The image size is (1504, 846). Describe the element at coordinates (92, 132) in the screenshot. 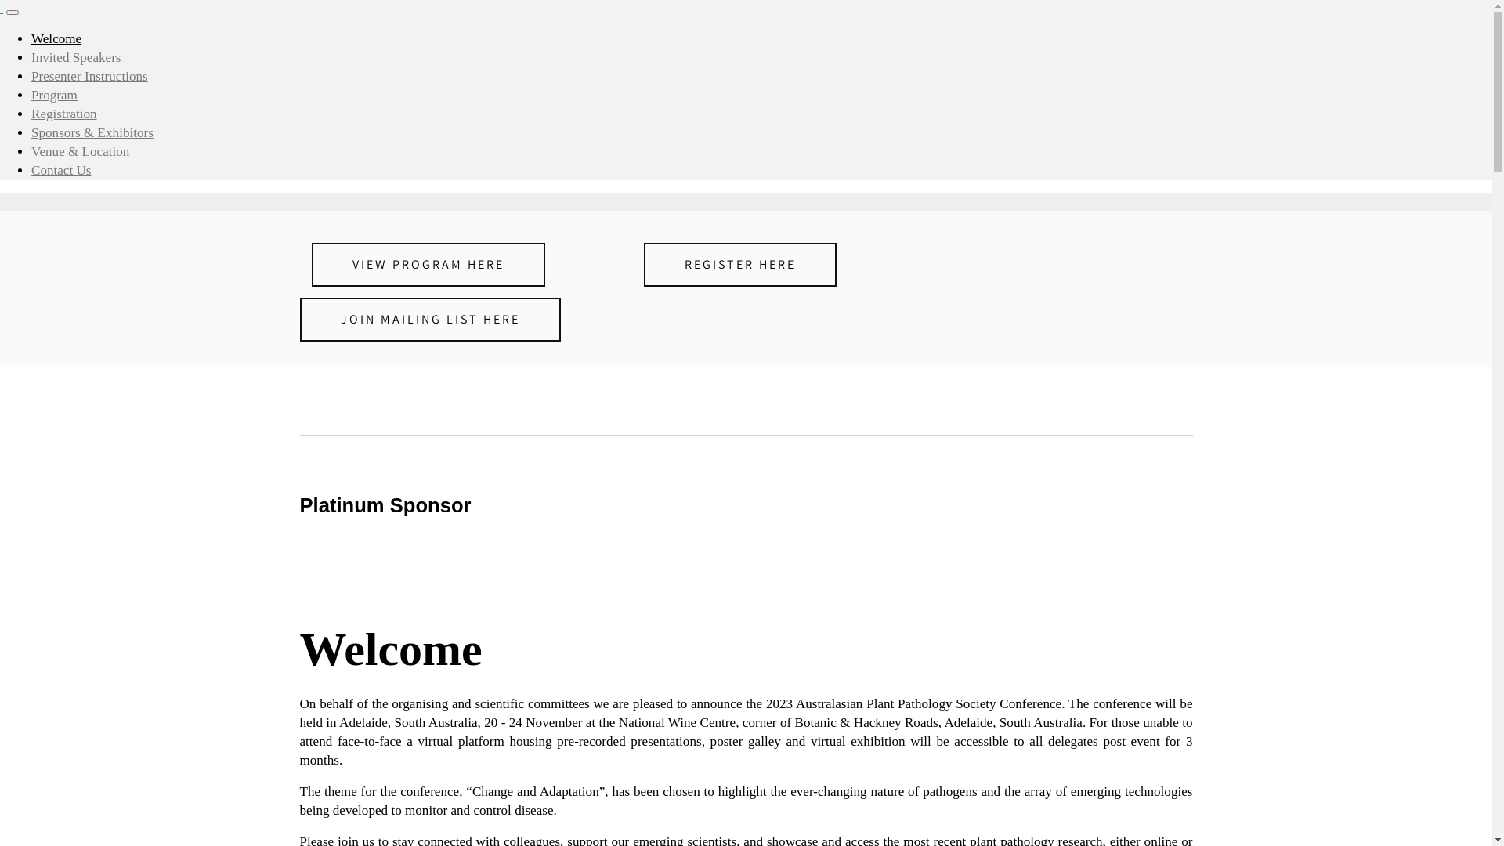

I see `'Sponsors & Exhibitors'` at that location.